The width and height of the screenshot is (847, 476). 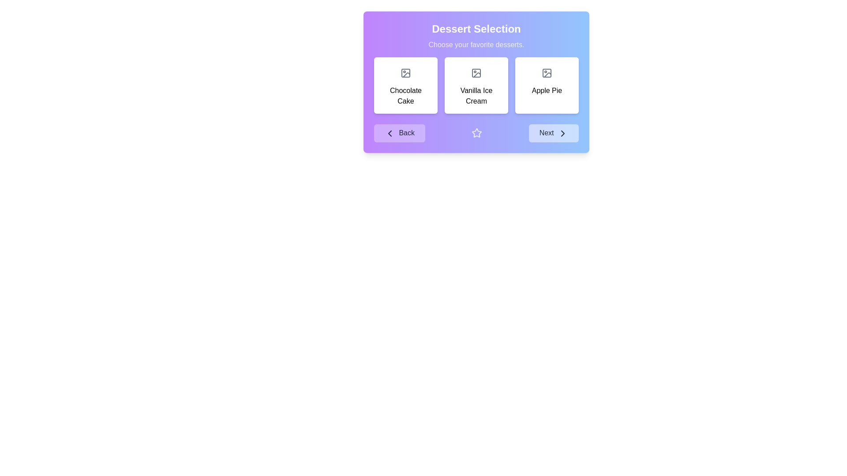 What do you see at coordinates (476, 35) in the screenshot?
I see `the 'Dessert Selection' text block, which is visually distinct with a gradient background and contains the introductory text for dessert options` at bounding box center [476, 35].